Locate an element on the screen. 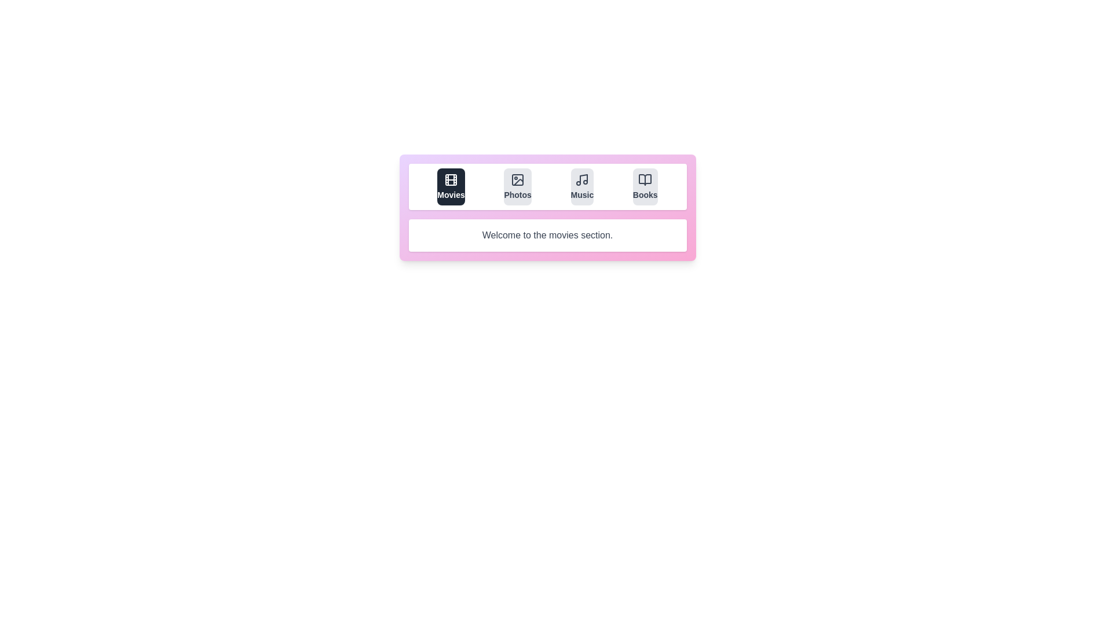 The height and width of the screenshot is (625, 1112). the tab labeled Books is located at coordinates (645, 186).